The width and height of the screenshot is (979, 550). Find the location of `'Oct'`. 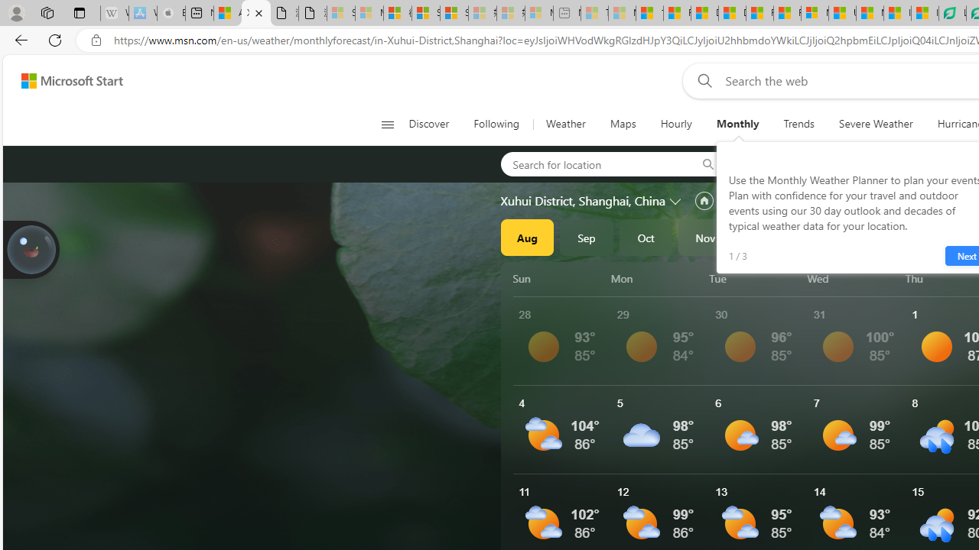

'Oct' is located at coordinates (646, 238).